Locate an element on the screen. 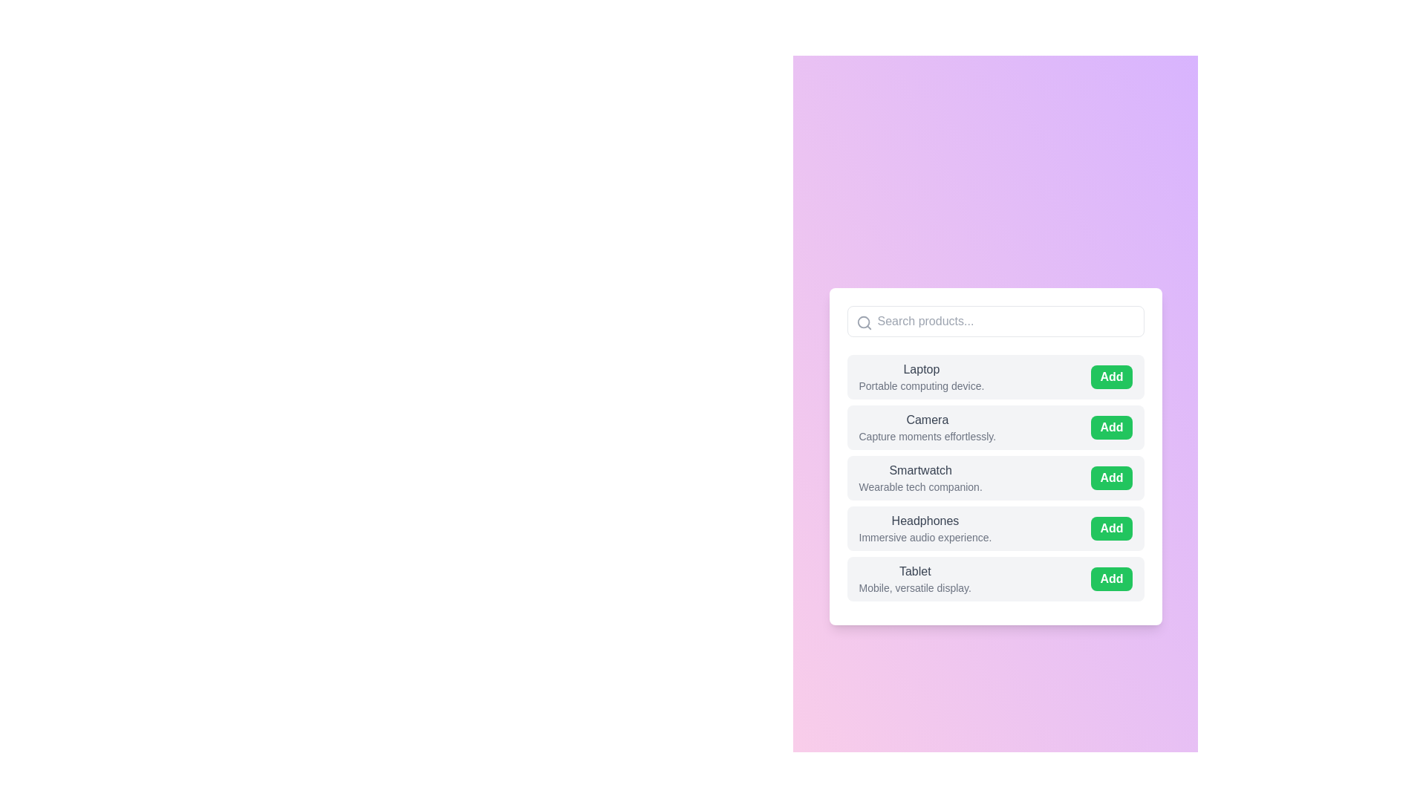 This screenshot has width=1426, height=802. information from the composite UI component labeled 'Laptop', which includes a description of 'Portable computing device.' and a green button labeled 'Add' is located at coordinates (995, 376).